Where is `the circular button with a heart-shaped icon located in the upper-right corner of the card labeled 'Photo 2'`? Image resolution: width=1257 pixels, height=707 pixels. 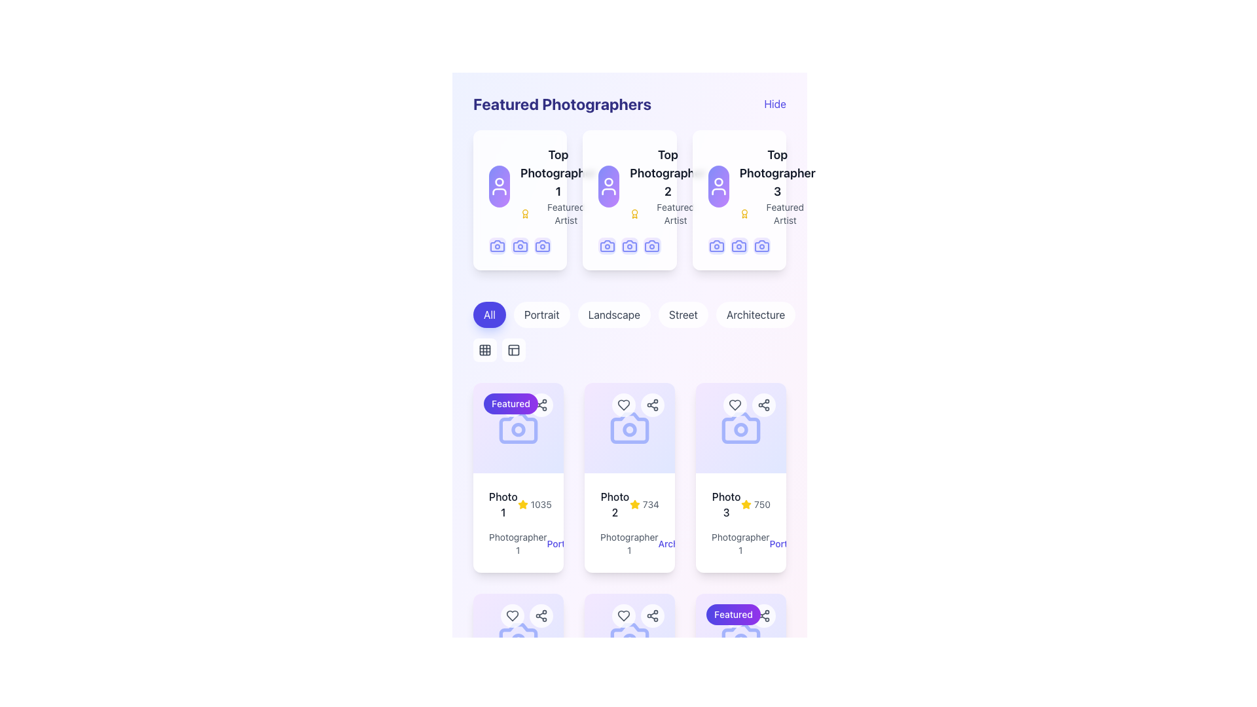 the circular button with a heart-shaped icon located in the upper-right corner of the card labeled 'Photo 2' is located at coordinates (623, 404).